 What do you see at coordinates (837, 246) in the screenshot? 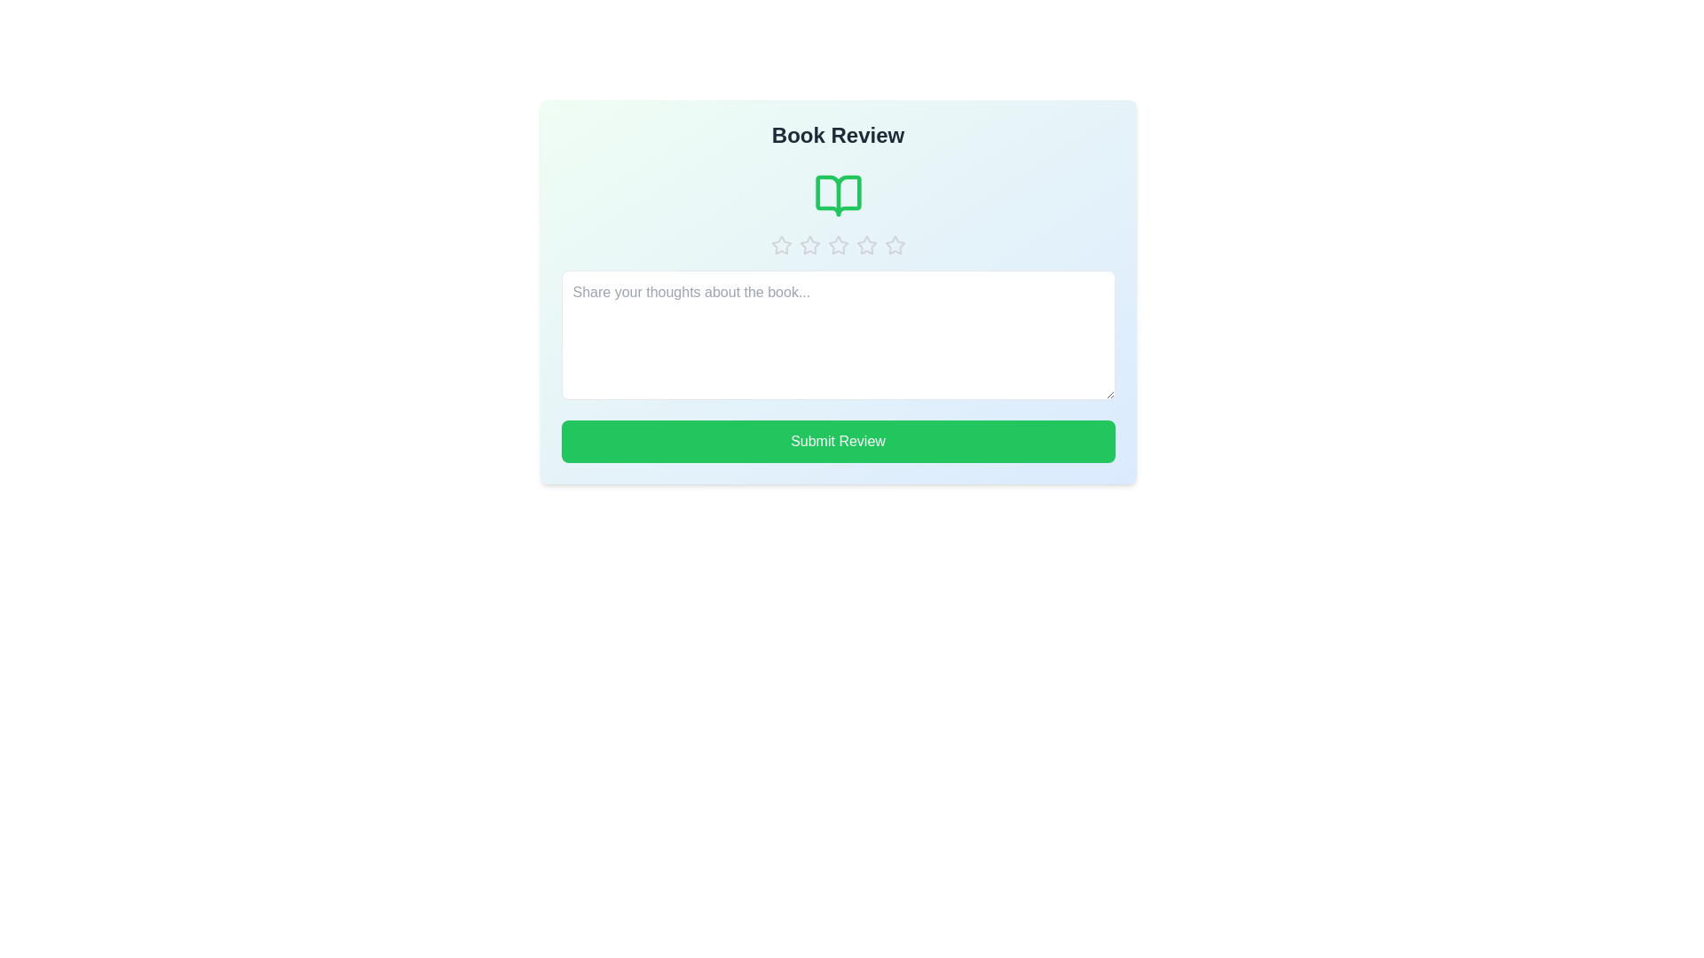
I see `the book rating to 3 stars by clicking the corresponding star` at bounding box center [837, 246].